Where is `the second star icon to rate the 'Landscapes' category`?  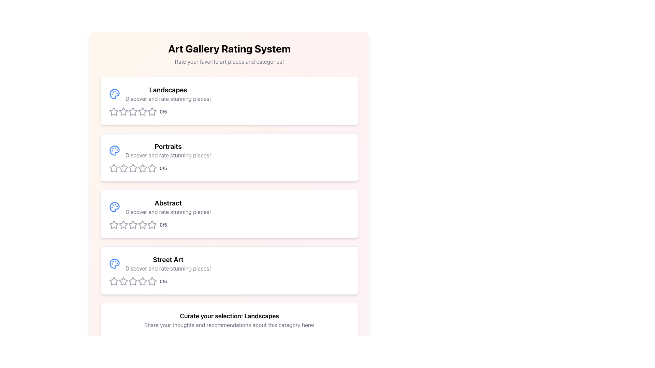
the second star icon to rate the 'Landscapes' category is located at coordinates (142, 111).